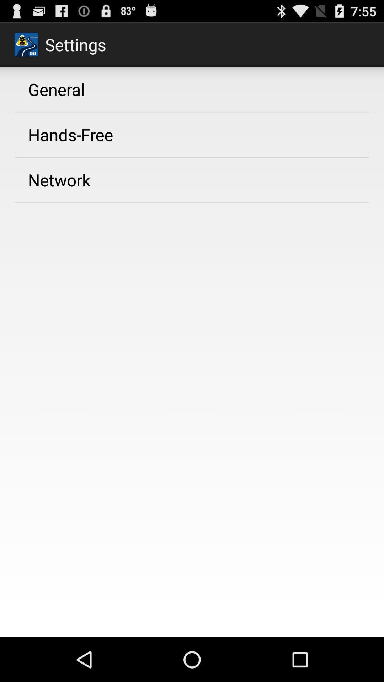  I want to click on general app, so click(56, 89).